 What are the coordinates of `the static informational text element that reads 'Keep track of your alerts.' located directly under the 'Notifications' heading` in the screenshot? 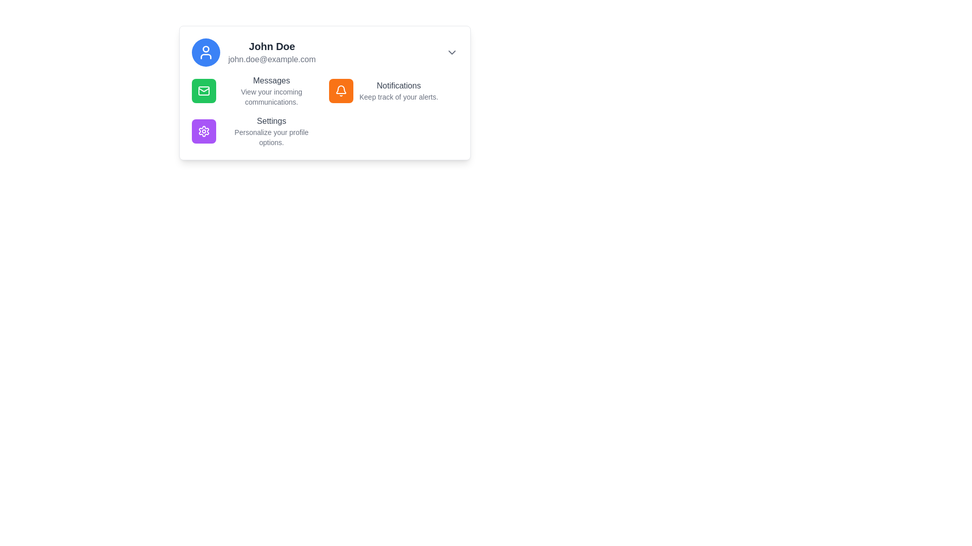 It's located at (398, 97).